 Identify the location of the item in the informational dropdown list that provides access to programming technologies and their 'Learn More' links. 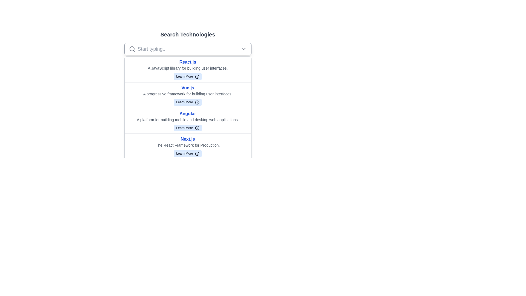
(188, 121).